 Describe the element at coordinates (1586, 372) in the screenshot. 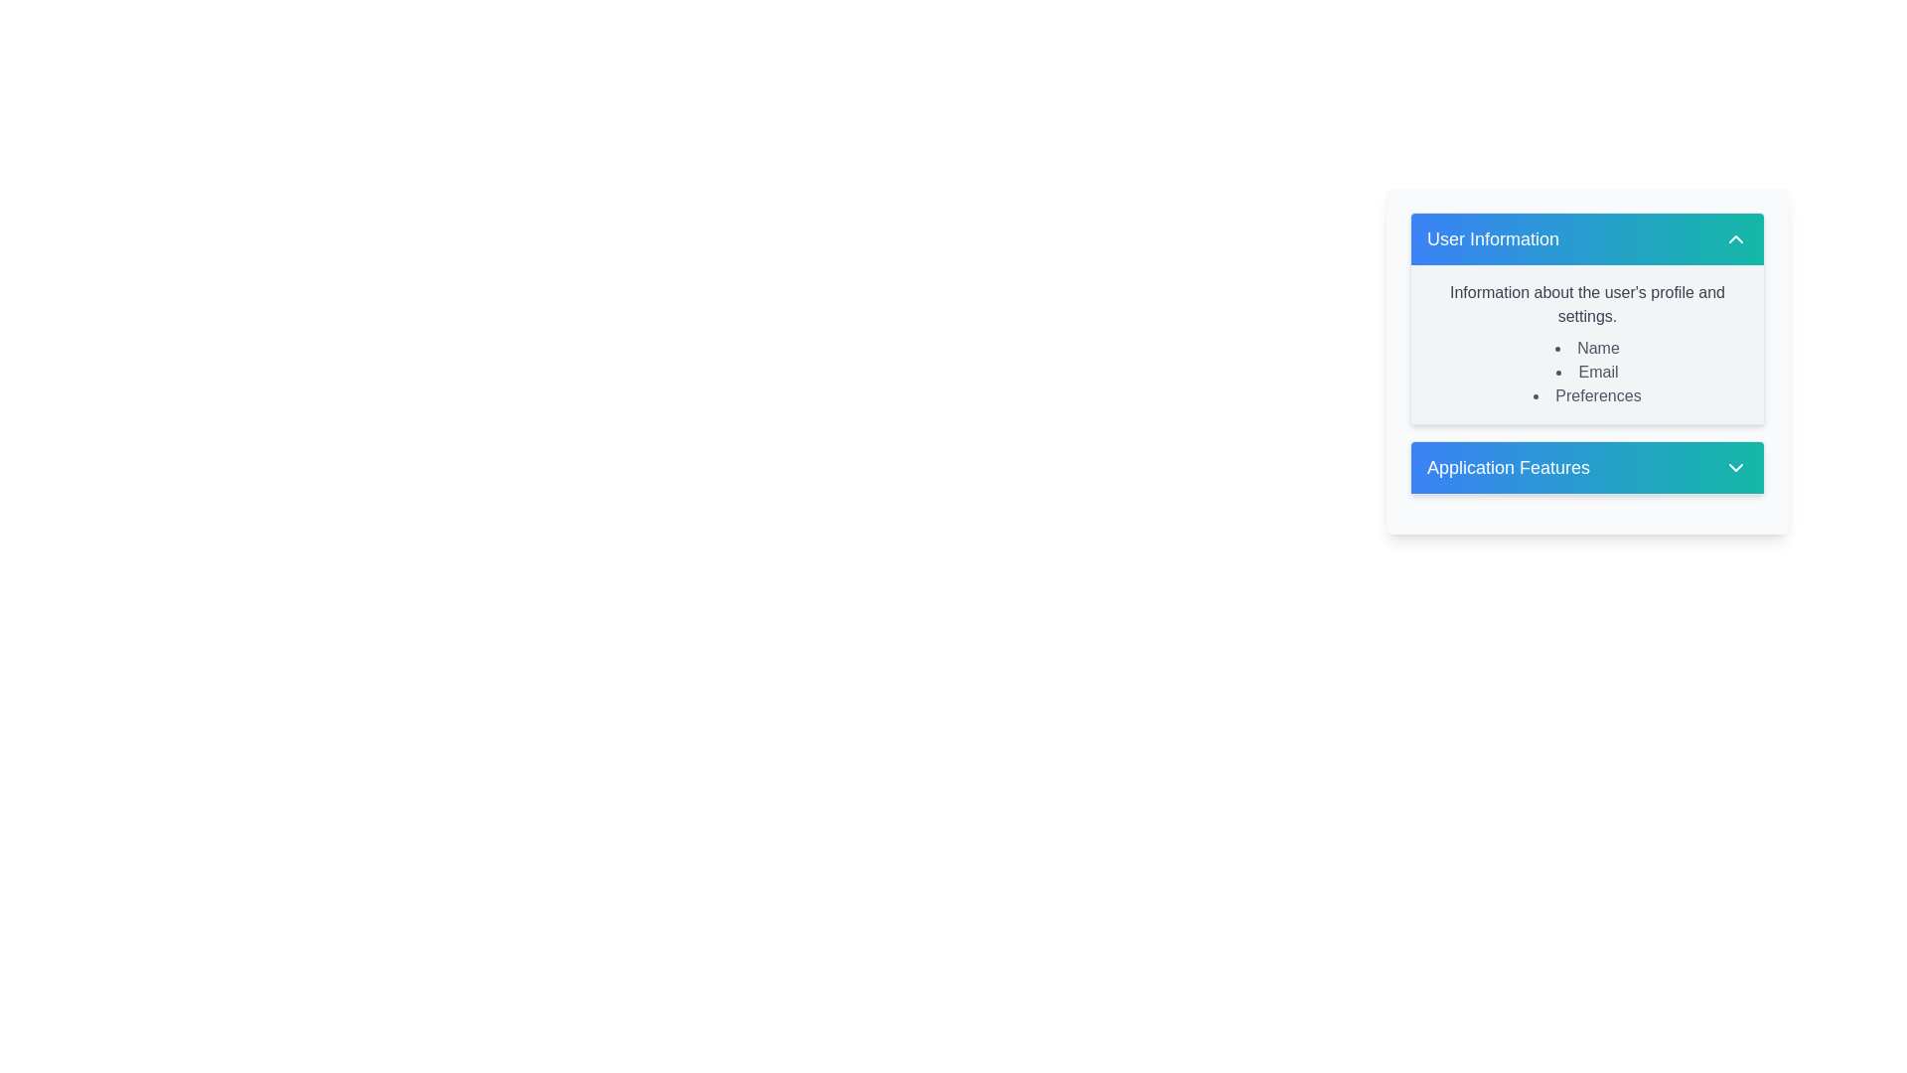

I see `the 'Email' text label, which is the second item in the vertical list of user profile information under the section labeled 'User Information'` at that location.